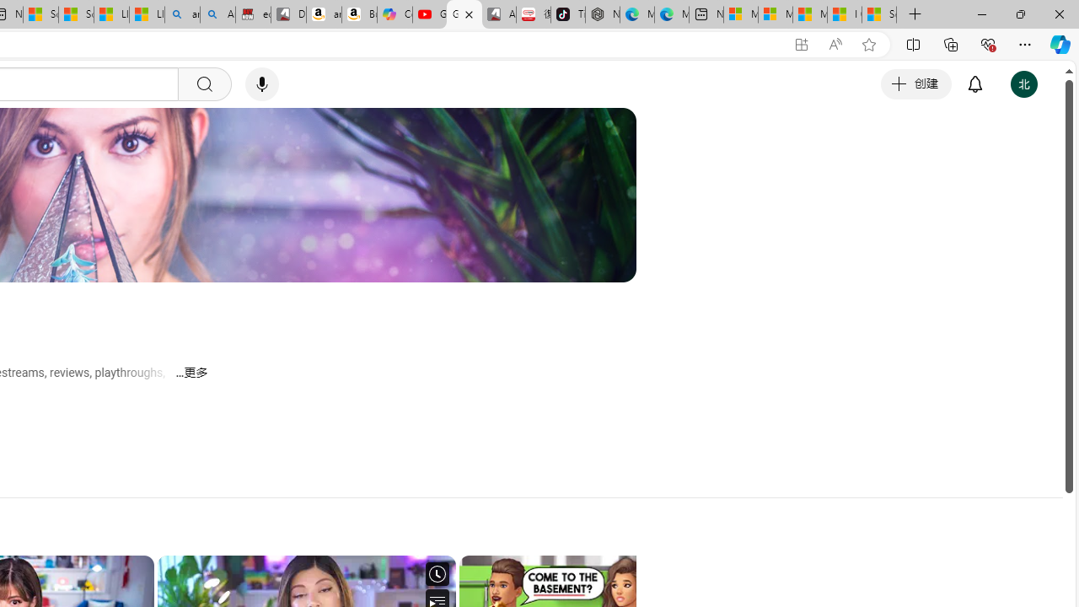  What do you see at coordinates (602, 14) in the screenshot?
I see `'Nordace - Best Sellers'` at bounding box center [602, 14].